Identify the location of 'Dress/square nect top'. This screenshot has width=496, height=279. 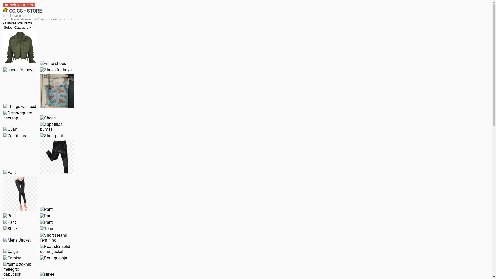
(3, 115).